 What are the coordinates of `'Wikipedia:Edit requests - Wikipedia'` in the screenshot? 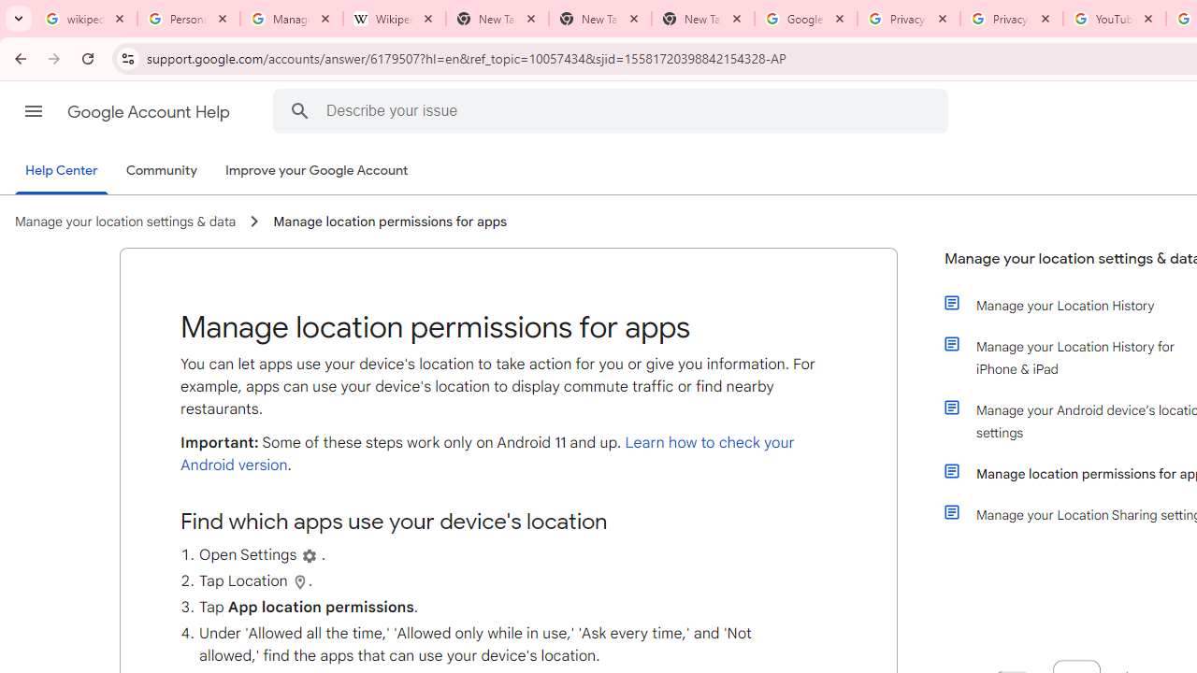 It's located at (394, 19).